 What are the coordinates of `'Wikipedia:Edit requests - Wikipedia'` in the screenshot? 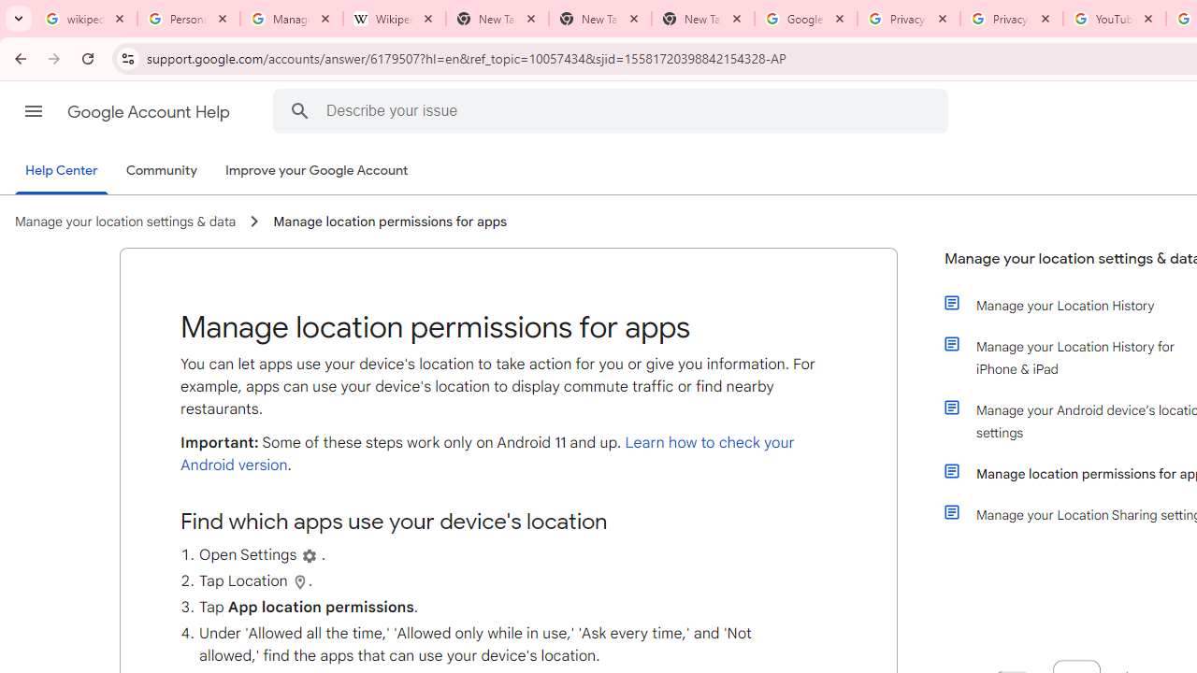 It's located at (394, 19).